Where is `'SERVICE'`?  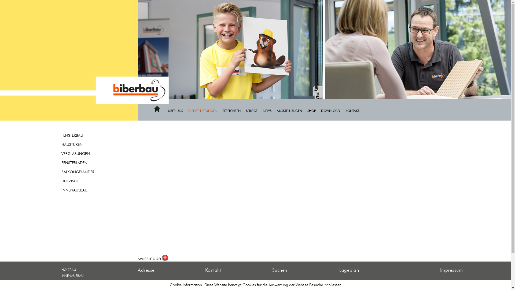
'SERVICE' is located at coordinates (254, 110).